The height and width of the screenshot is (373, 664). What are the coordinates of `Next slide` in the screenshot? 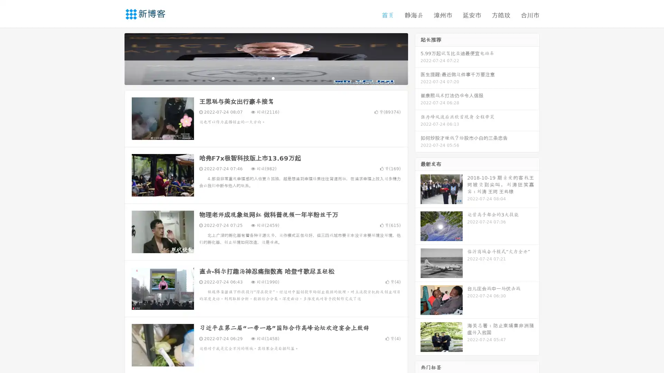 It's located at (418, 58).